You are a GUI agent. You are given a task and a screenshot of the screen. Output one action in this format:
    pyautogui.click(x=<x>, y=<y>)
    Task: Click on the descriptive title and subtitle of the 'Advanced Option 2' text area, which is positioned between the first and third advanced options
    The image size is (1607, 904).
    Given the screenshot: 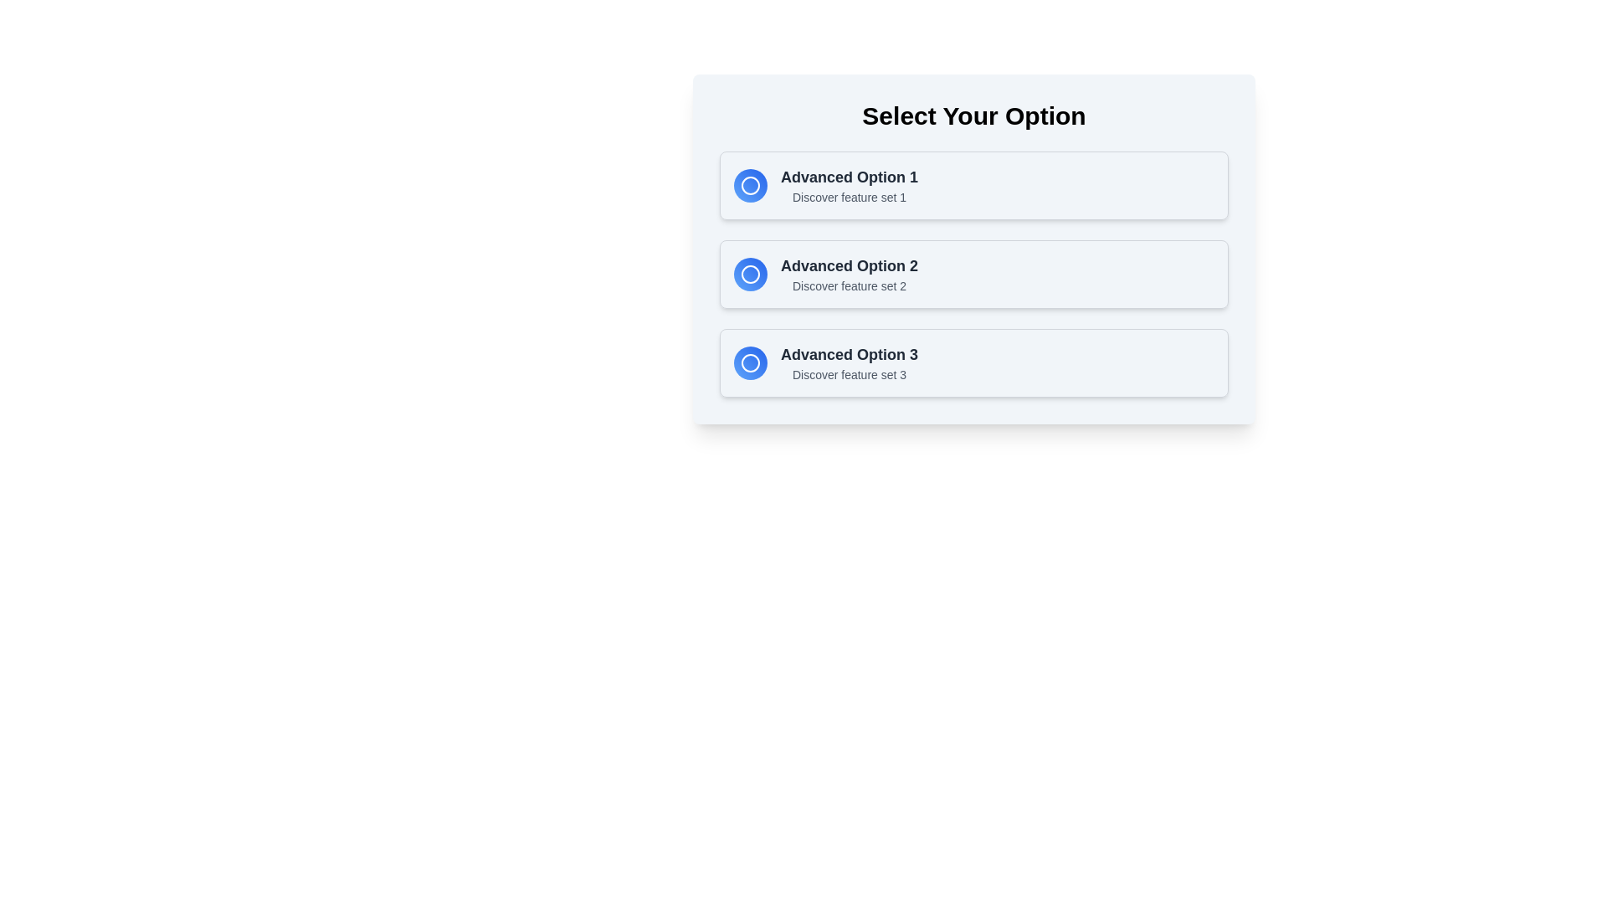 What is the action you would take?
    pyautogui.click(x=850, y=273)
    